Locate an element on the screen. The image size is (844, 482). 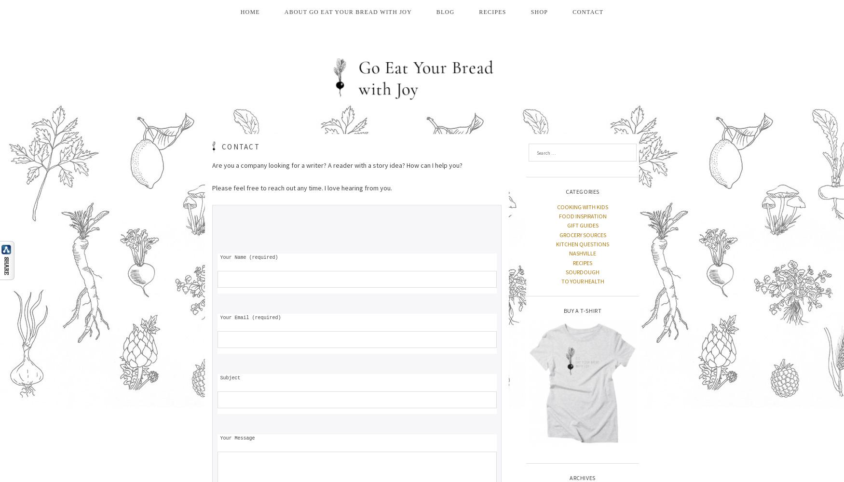
'GIFT GUIDES' is located at coordinates (582, 225).